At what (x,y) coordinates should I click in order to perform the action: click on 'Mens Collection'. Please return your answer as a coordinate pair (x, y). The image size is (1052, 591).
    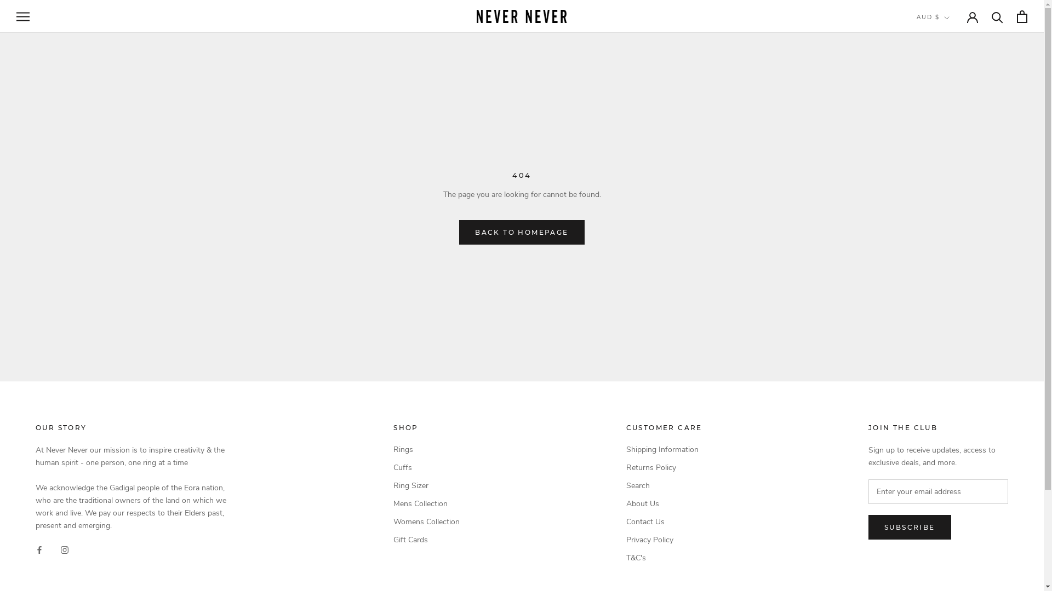
    Looking at the image, I should click on (426, 503).